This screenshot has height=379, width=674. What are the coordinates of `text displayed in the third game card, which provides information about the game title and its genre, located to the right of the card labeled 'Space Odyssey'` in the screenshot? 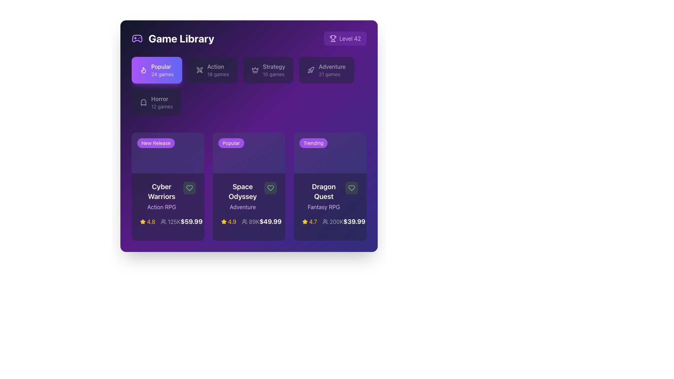 It's located at (330, 197).